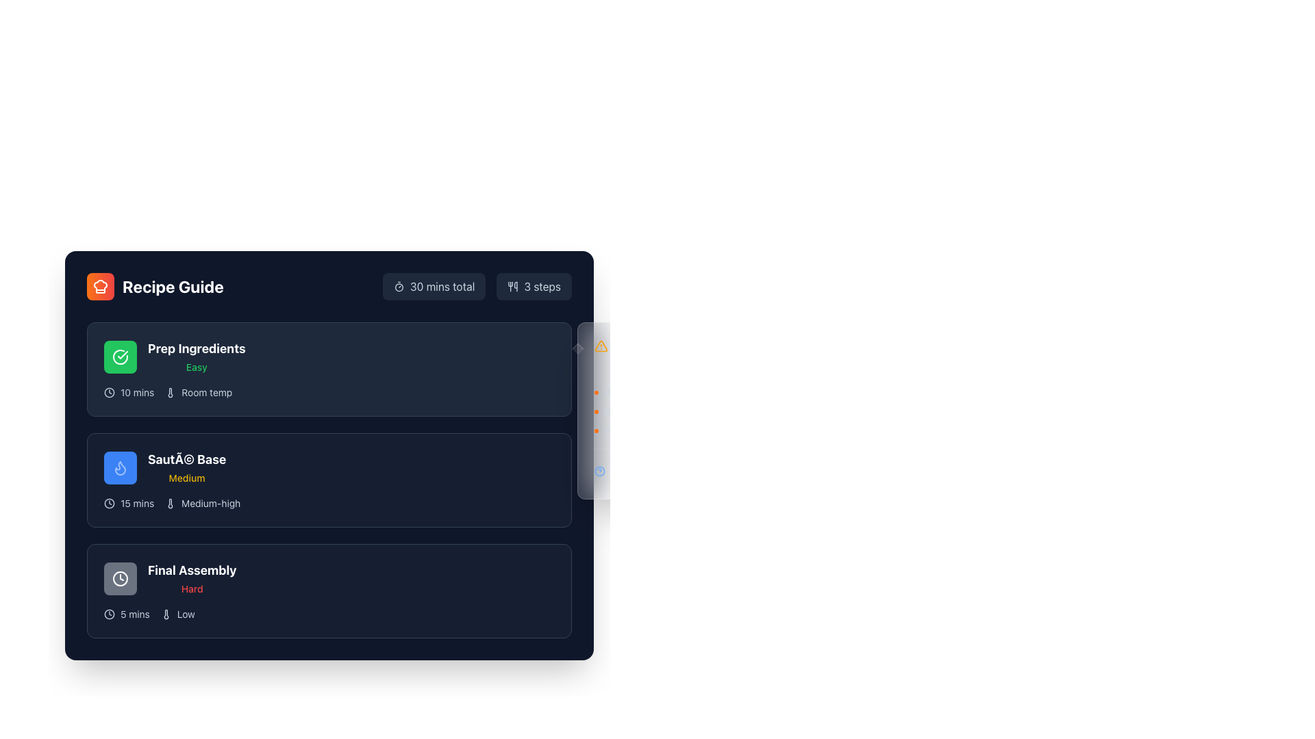  I want to click on the Static Label that communicates the total number of steps in a process, located at the top-right corner of the content area, adjacent to an icon resembling utensils, so click(542, 286).